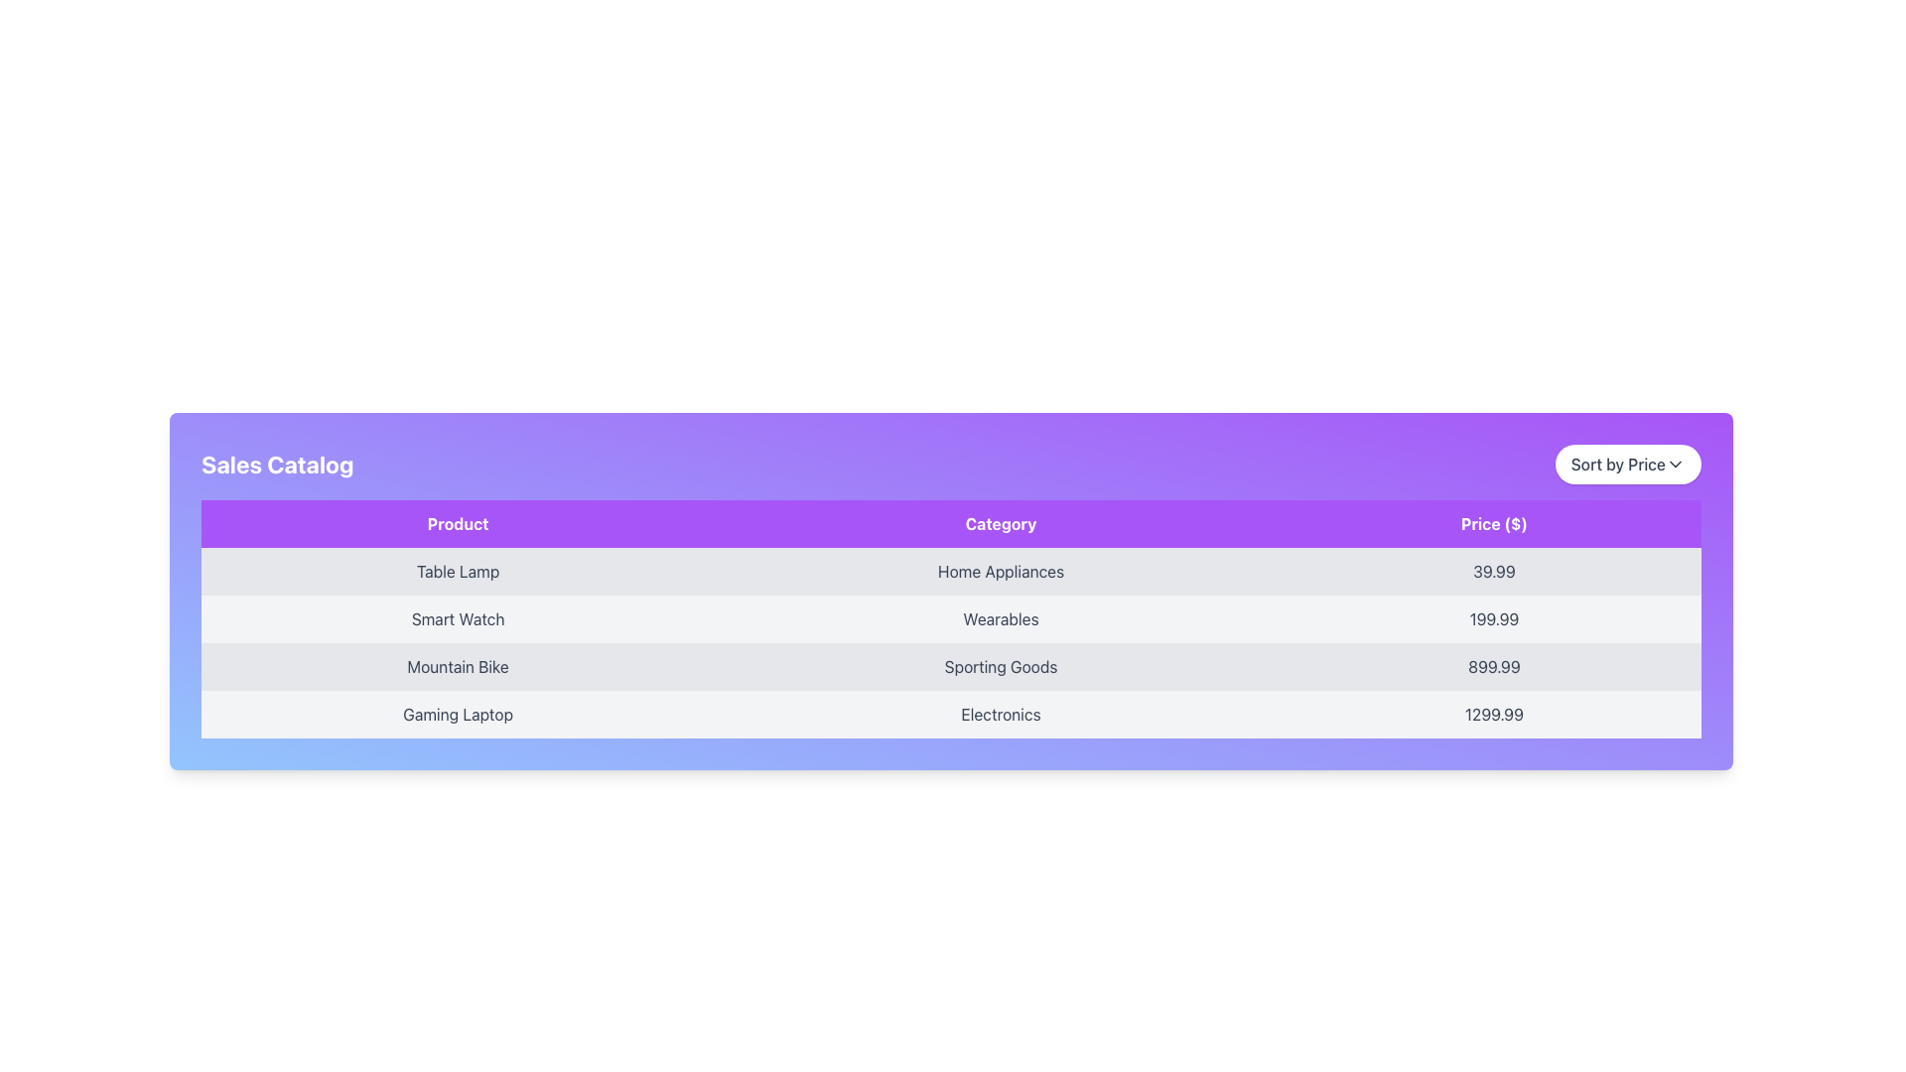 The height and width of the screenshot is (1072, 1906). I want to click on the Text label displaying the price of an item in the third row of the table under the 'Price ($)' column, adjacent to the 'Sporting Goods' cell, so click(1494, 666).